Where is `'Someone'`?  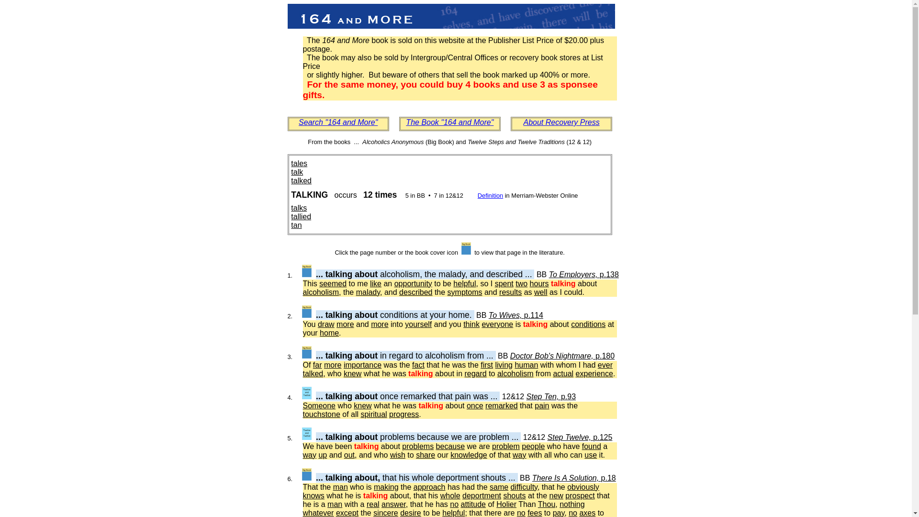 'Someone' is located at coordinates (319, 405).